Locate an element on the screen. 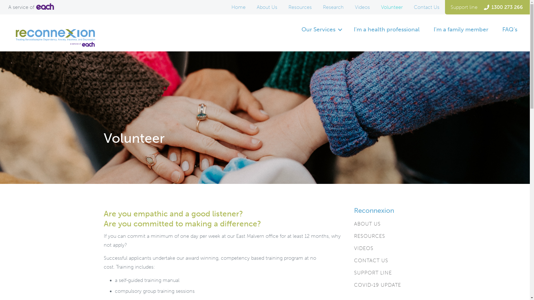 This screenshot has width=534, height=300. 'COVID-19 UPDATE' is located at coordinates (377, 285).